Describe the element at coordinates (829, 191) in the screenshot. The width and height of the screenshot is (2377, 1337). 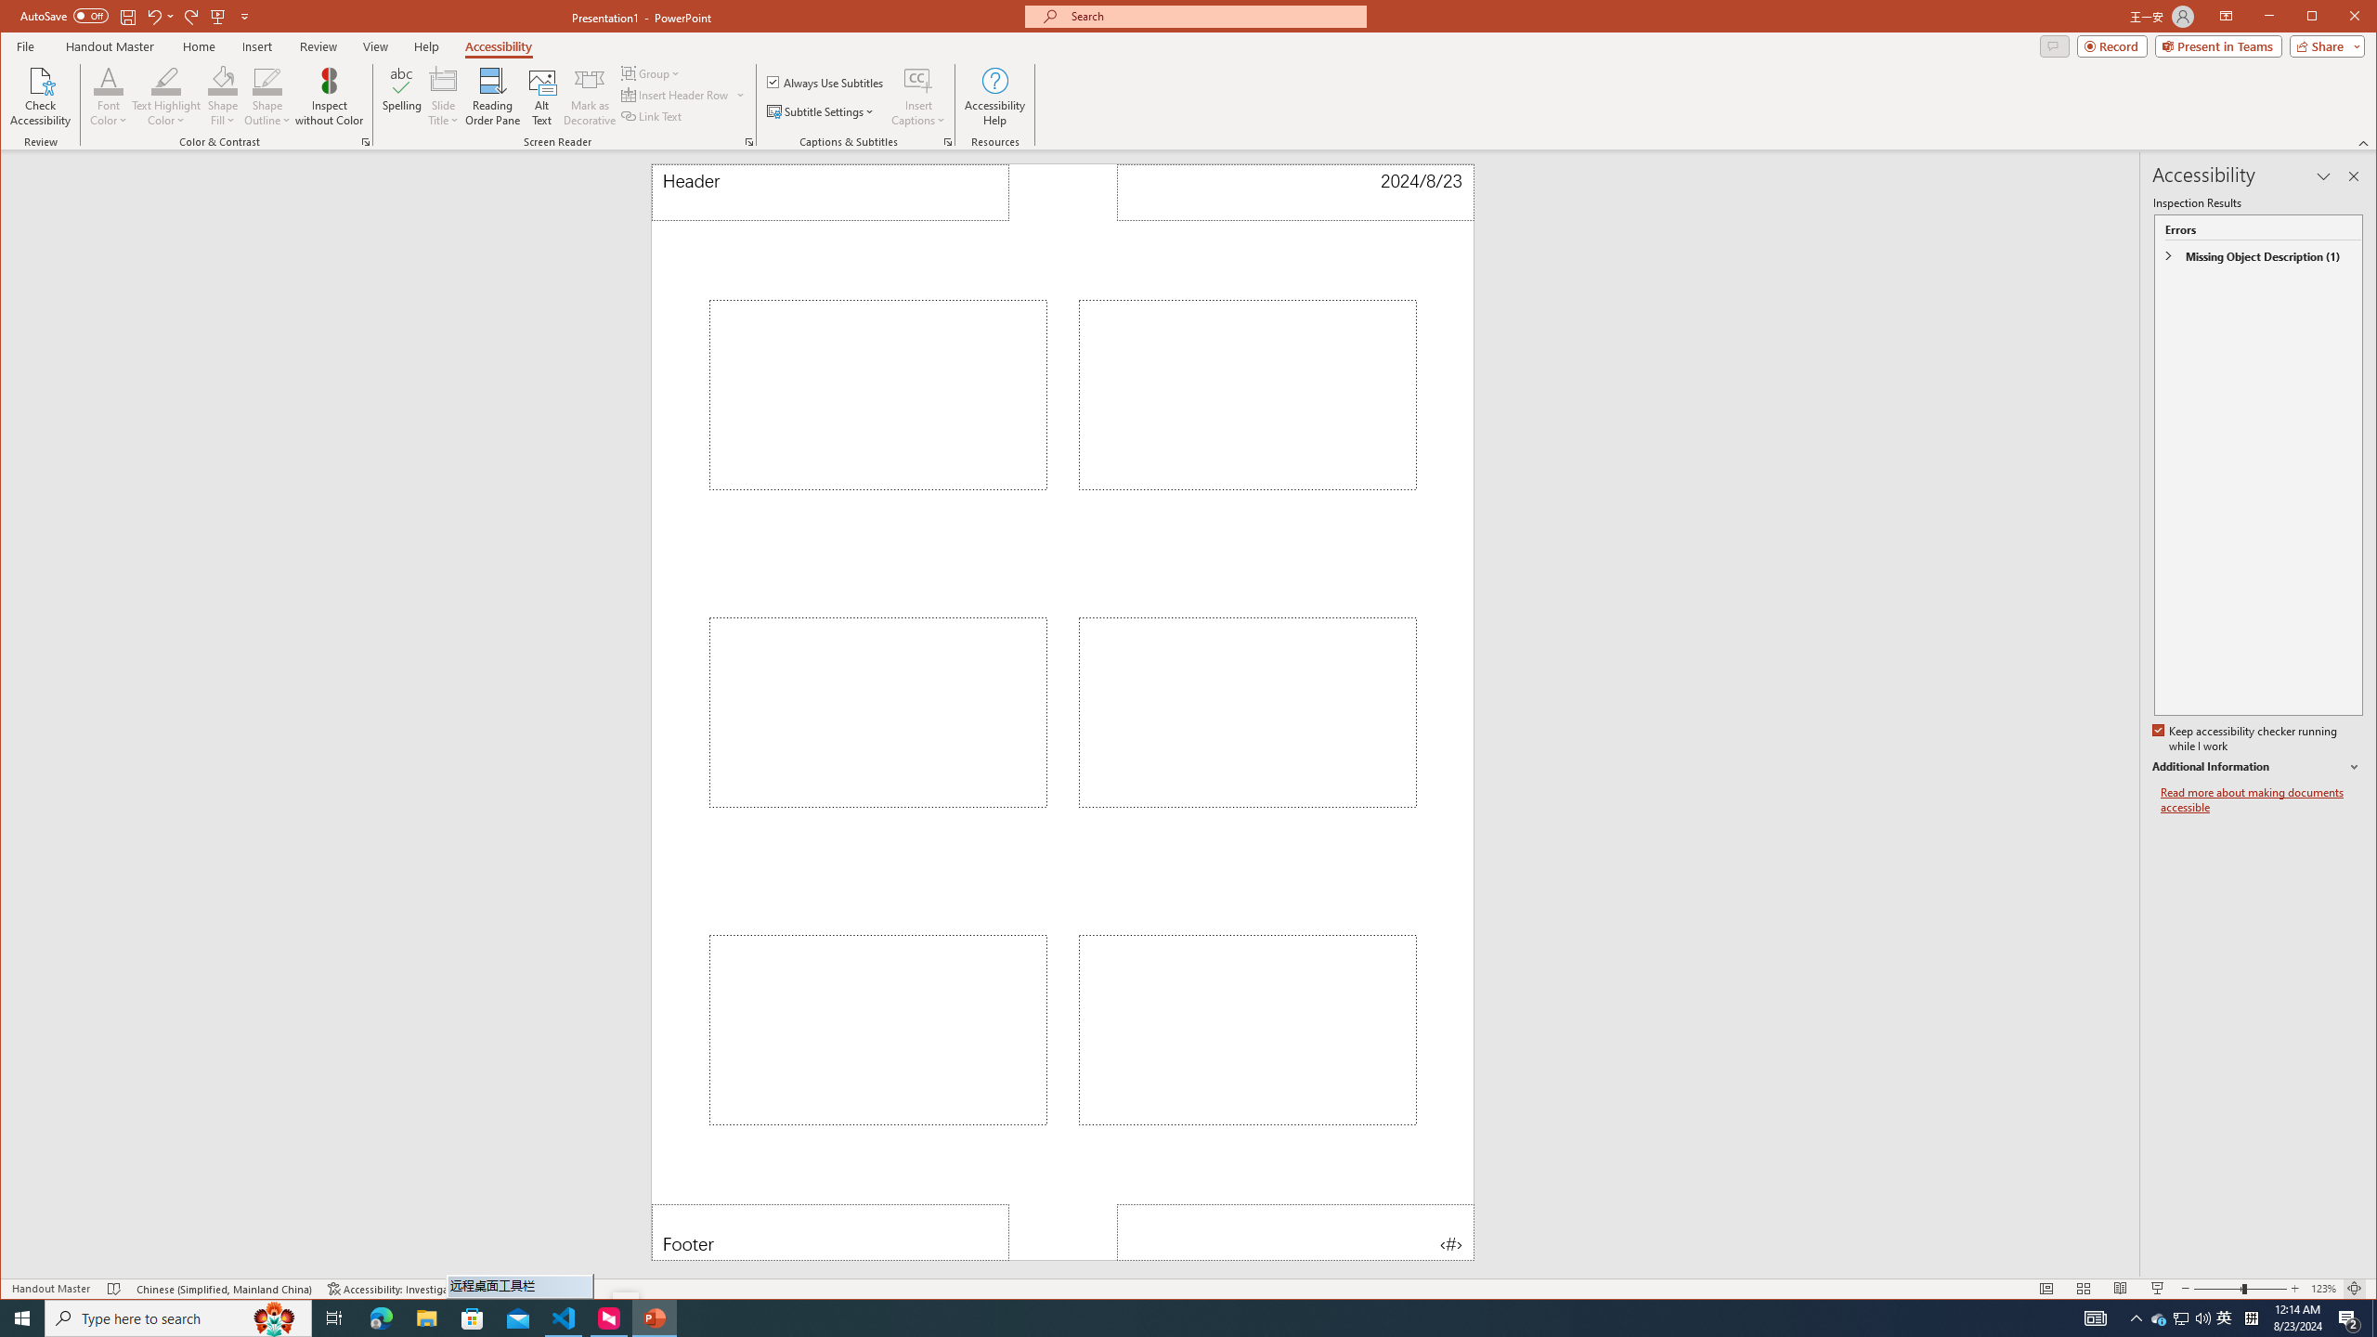
I see `'Header'` at that location.